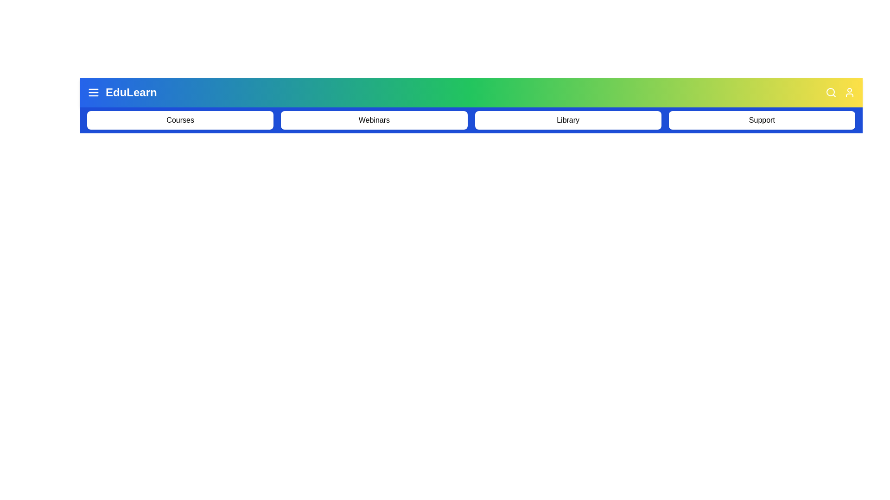 The width and height of the screenshot is (890, 500). What do you see at coordinates (567, 119) in the screenshot?
I see `the menu item Library` at bounding box center [567, 119].